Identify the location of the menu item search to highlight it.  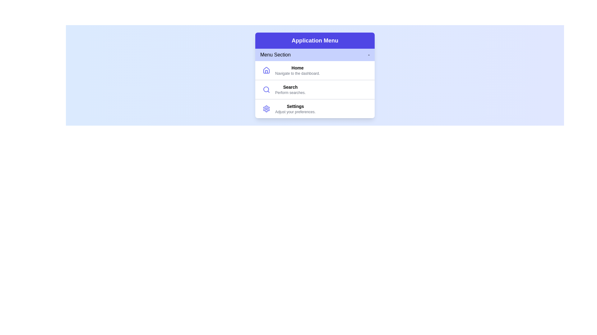
(315, 89).